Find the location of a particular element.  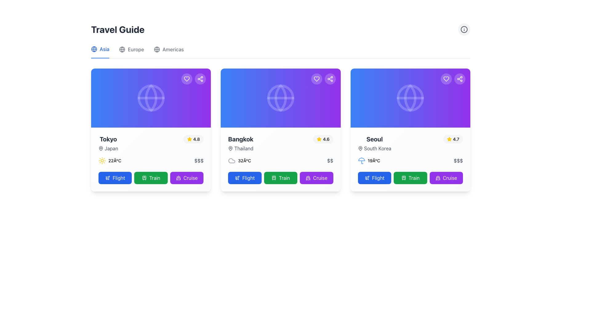

weather indicator text '22°C' located below the title 'Tokyo' in the first card of the horizontally aligned list, which also features a sun icon is located at coordinates (115, 160).